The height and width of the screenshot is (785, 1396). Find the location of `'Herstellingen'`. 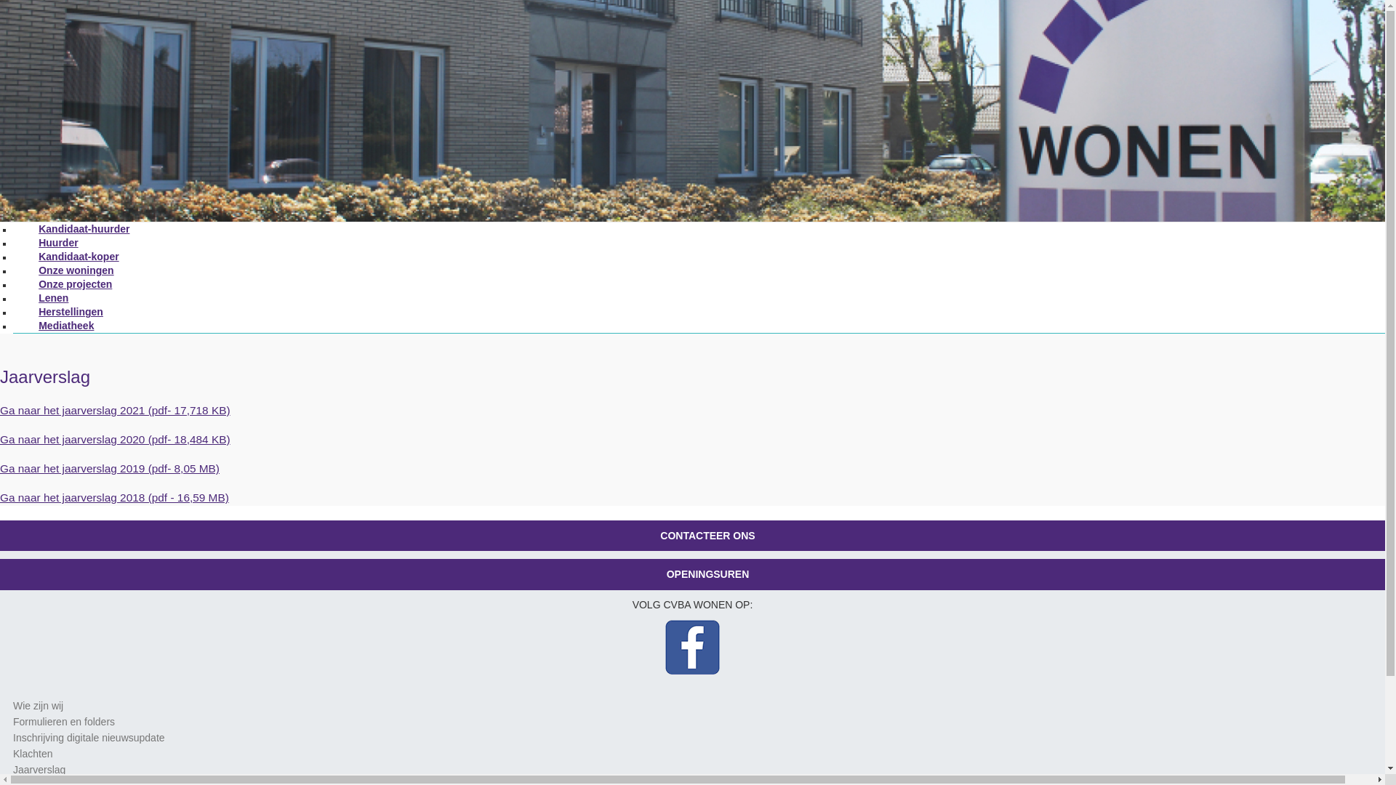

'Herstellingen' is located at coordinates (70, 312).